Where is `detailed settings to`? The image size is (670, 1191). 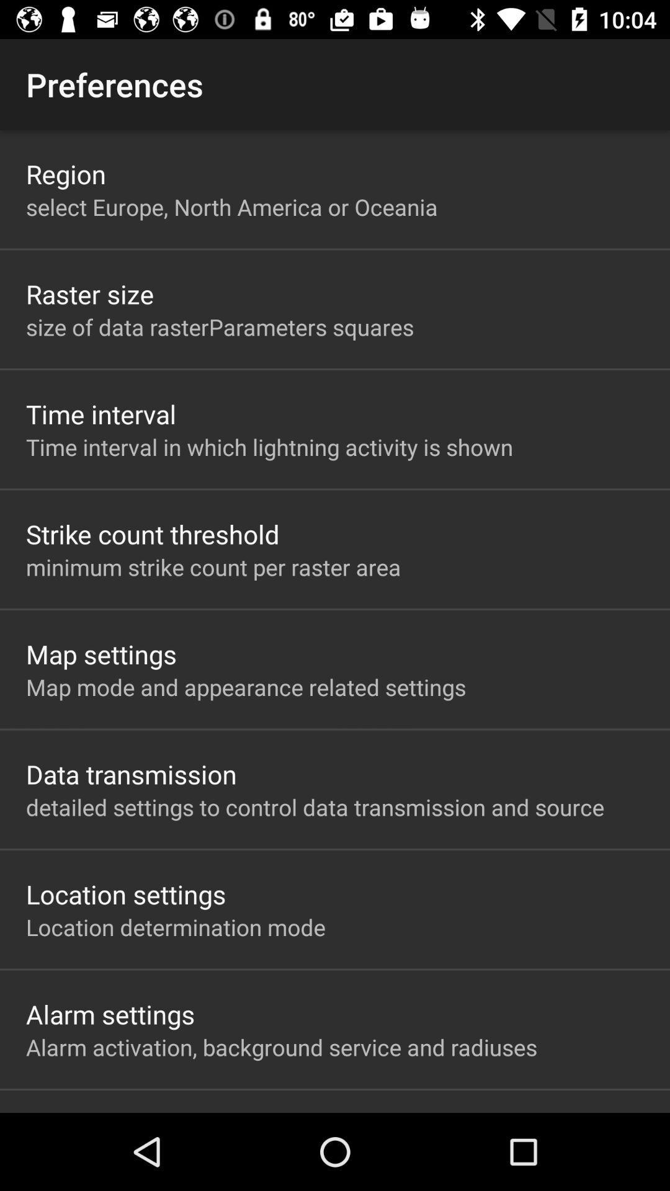 detailed settings to is located at coordinates (315, 807).